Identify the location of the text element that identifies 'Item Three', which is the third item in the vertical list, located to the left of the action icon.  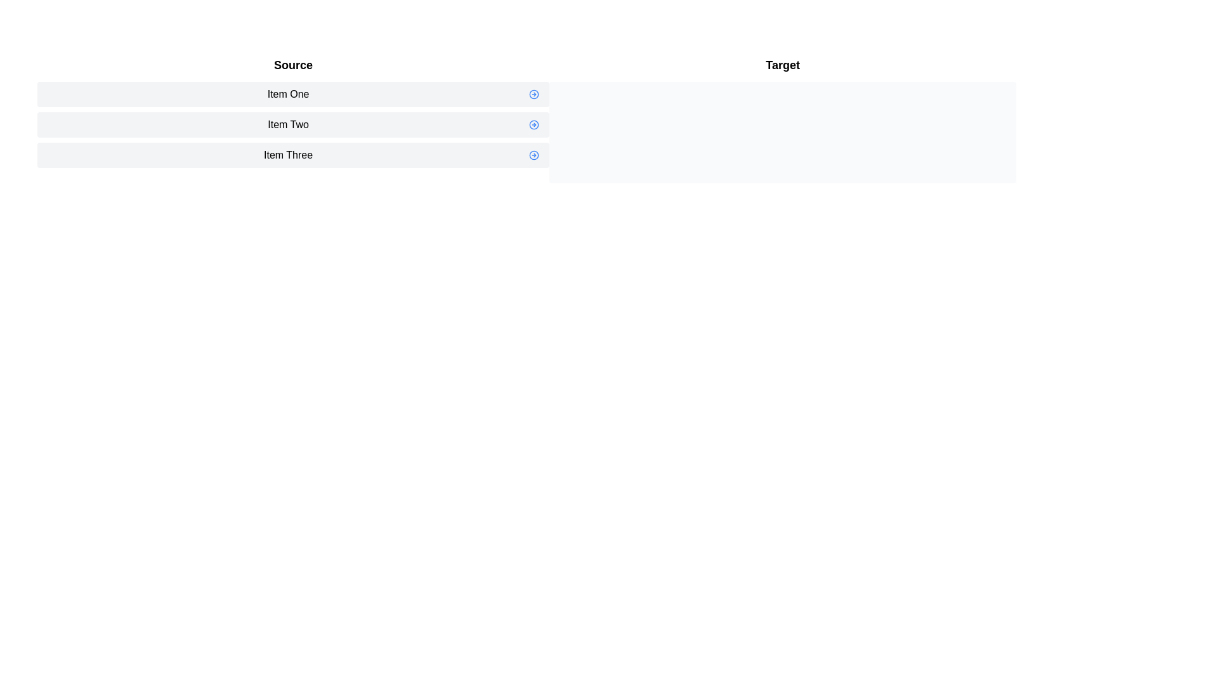
(287, 155).